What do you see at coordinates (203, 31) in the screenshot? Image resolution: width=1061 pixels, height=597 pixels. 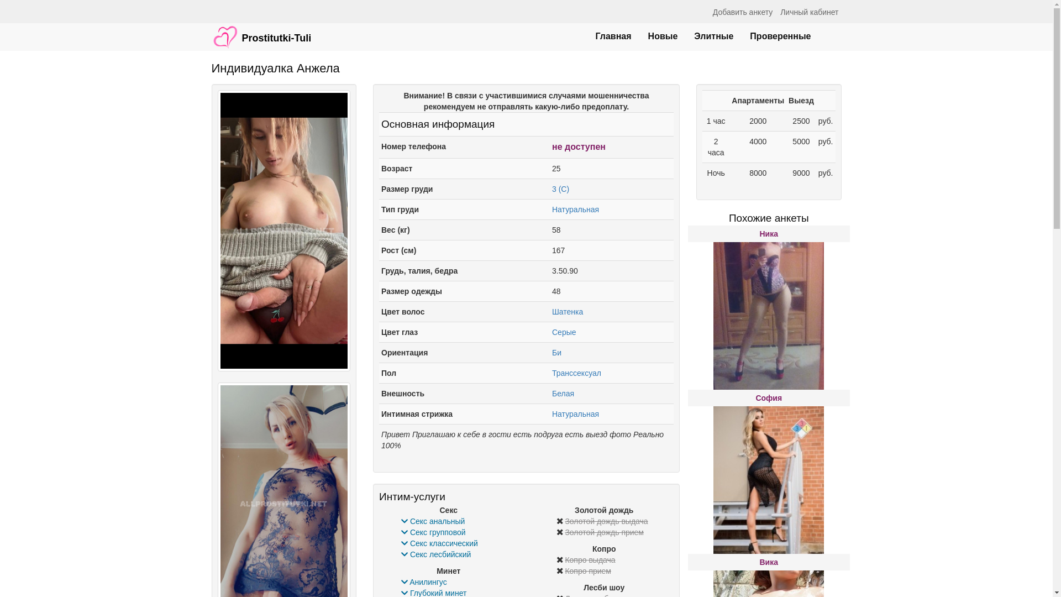 I see `'Prostitutki-Tuli'` at bounding box center [203, 31].